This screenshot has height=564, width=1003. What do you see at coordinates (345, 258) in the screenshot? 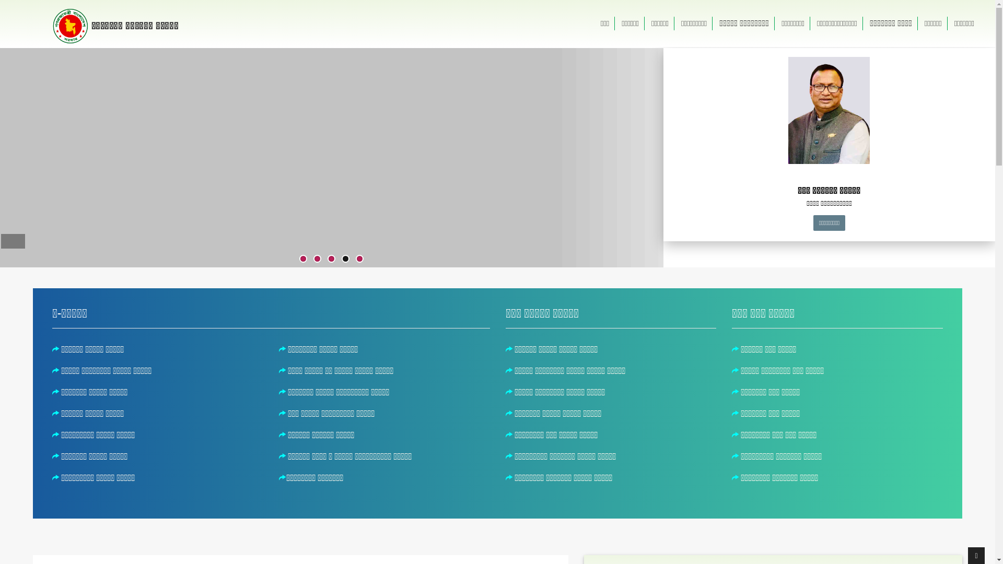
I see `'4'` at bounding box center [345, 258].